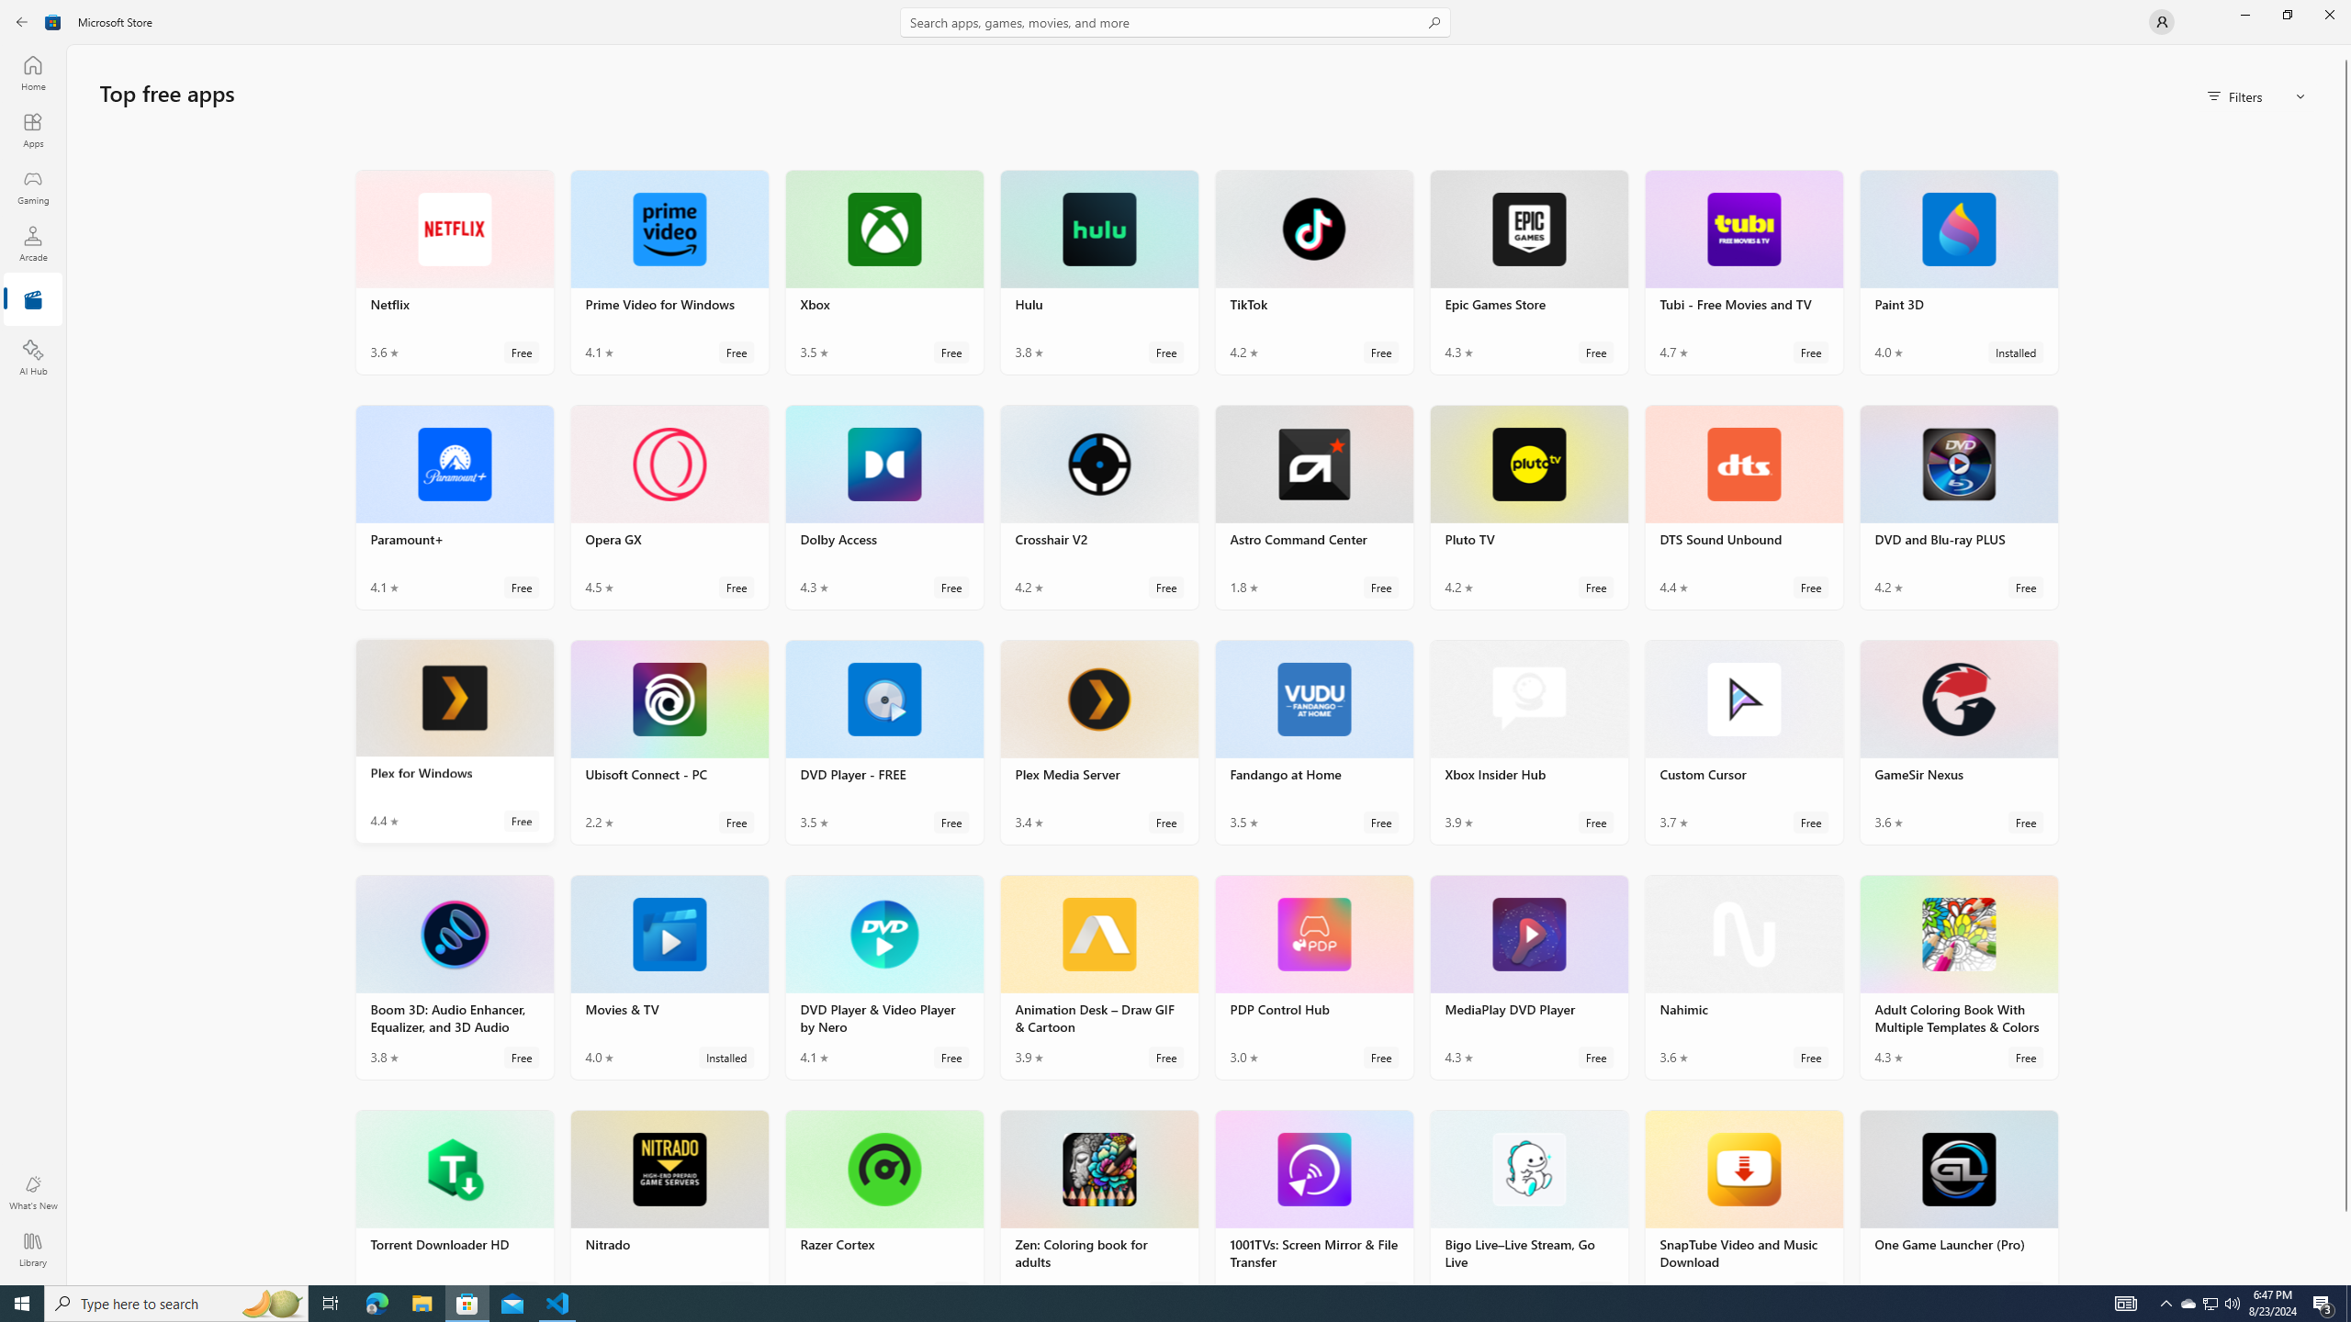 The height and width of the screenshot is (1322, 2351). What do you see at coordinates (1175, 21) in the screenshot?
I see `'Search'` at bounding box center [1175, 21].